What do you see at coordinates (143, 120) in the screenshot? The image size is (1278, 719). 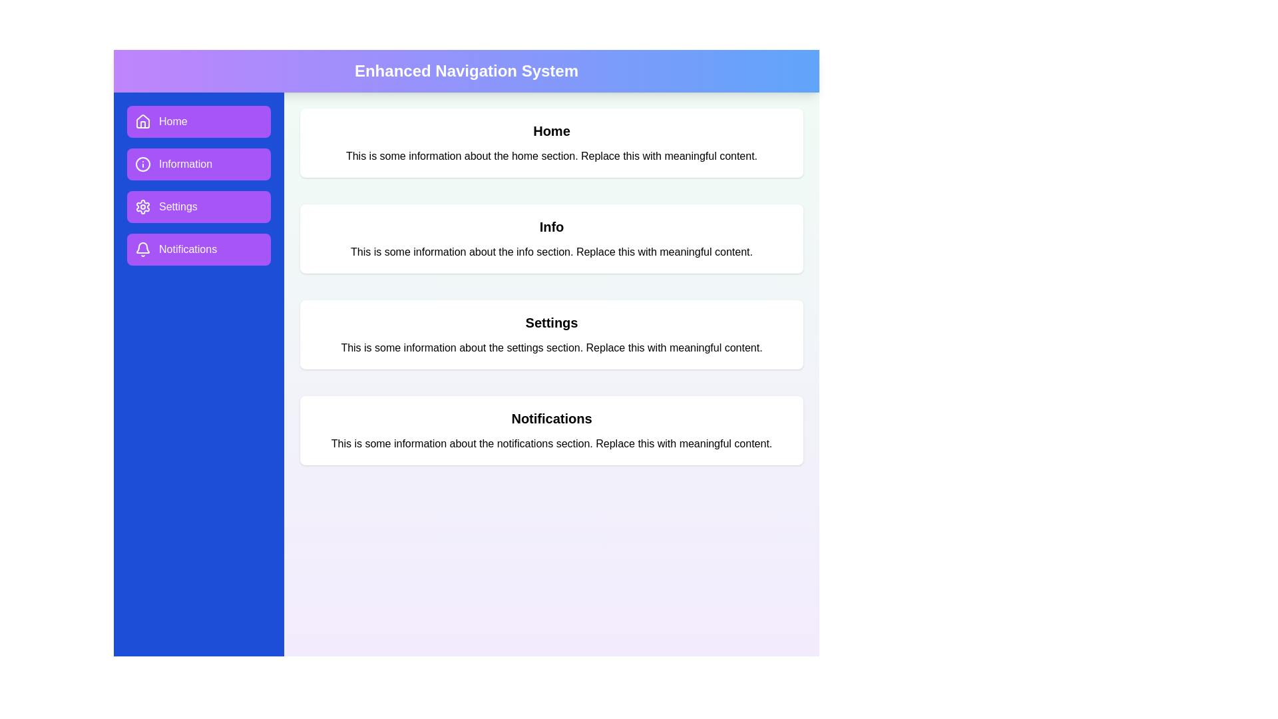 I see `the 'Home' icon located in the left vertical navigation menu to trigger a tooltip or visual response` at bounding box center [143, 120].